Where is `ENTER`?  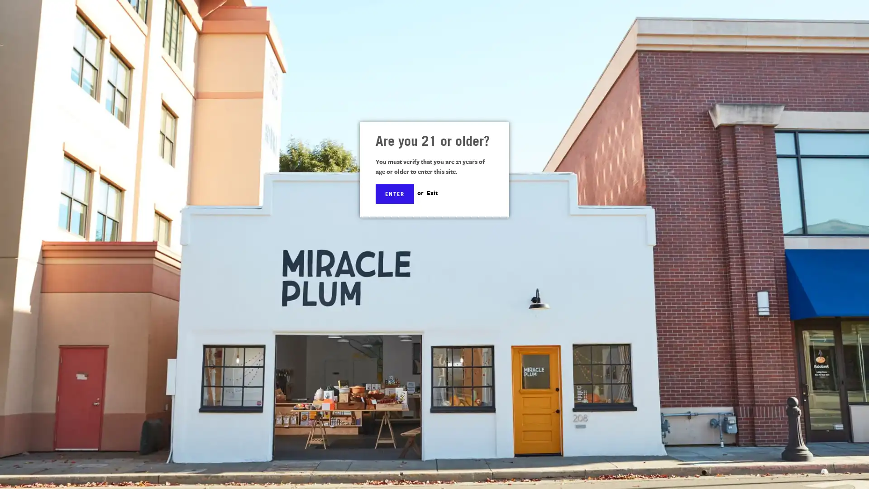
ENTER is located at coordinates (395, 193).